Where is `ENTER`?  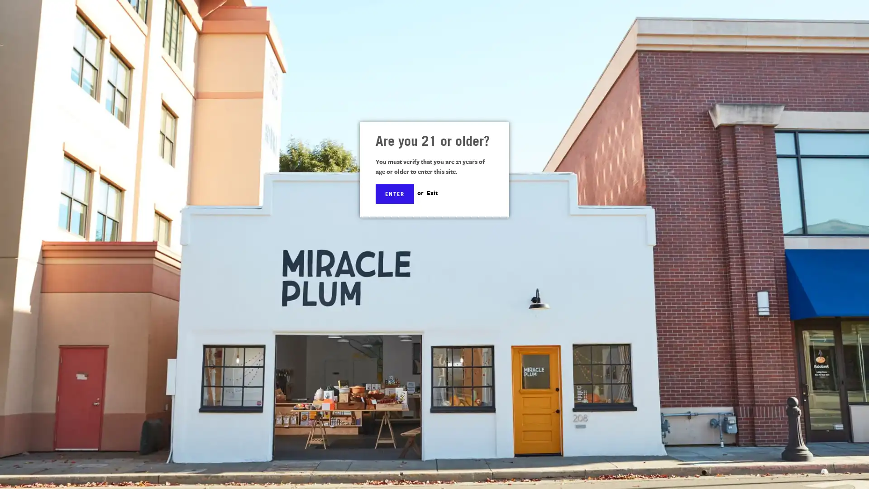
ENTER is located at coordinates (395, 193).